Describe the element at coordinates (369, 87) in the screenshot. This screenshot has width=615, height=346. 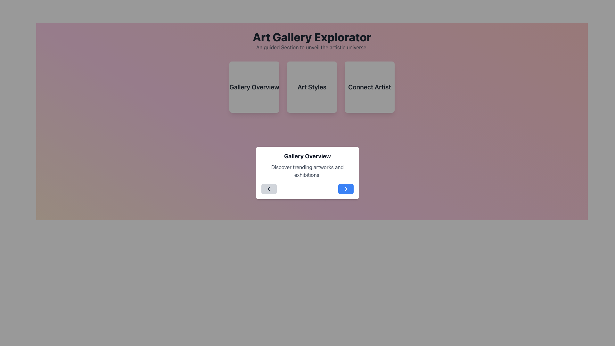
I see `the 'Connect Artist' button card, which is a rectangular card with rounded corners and a white background` at that location.